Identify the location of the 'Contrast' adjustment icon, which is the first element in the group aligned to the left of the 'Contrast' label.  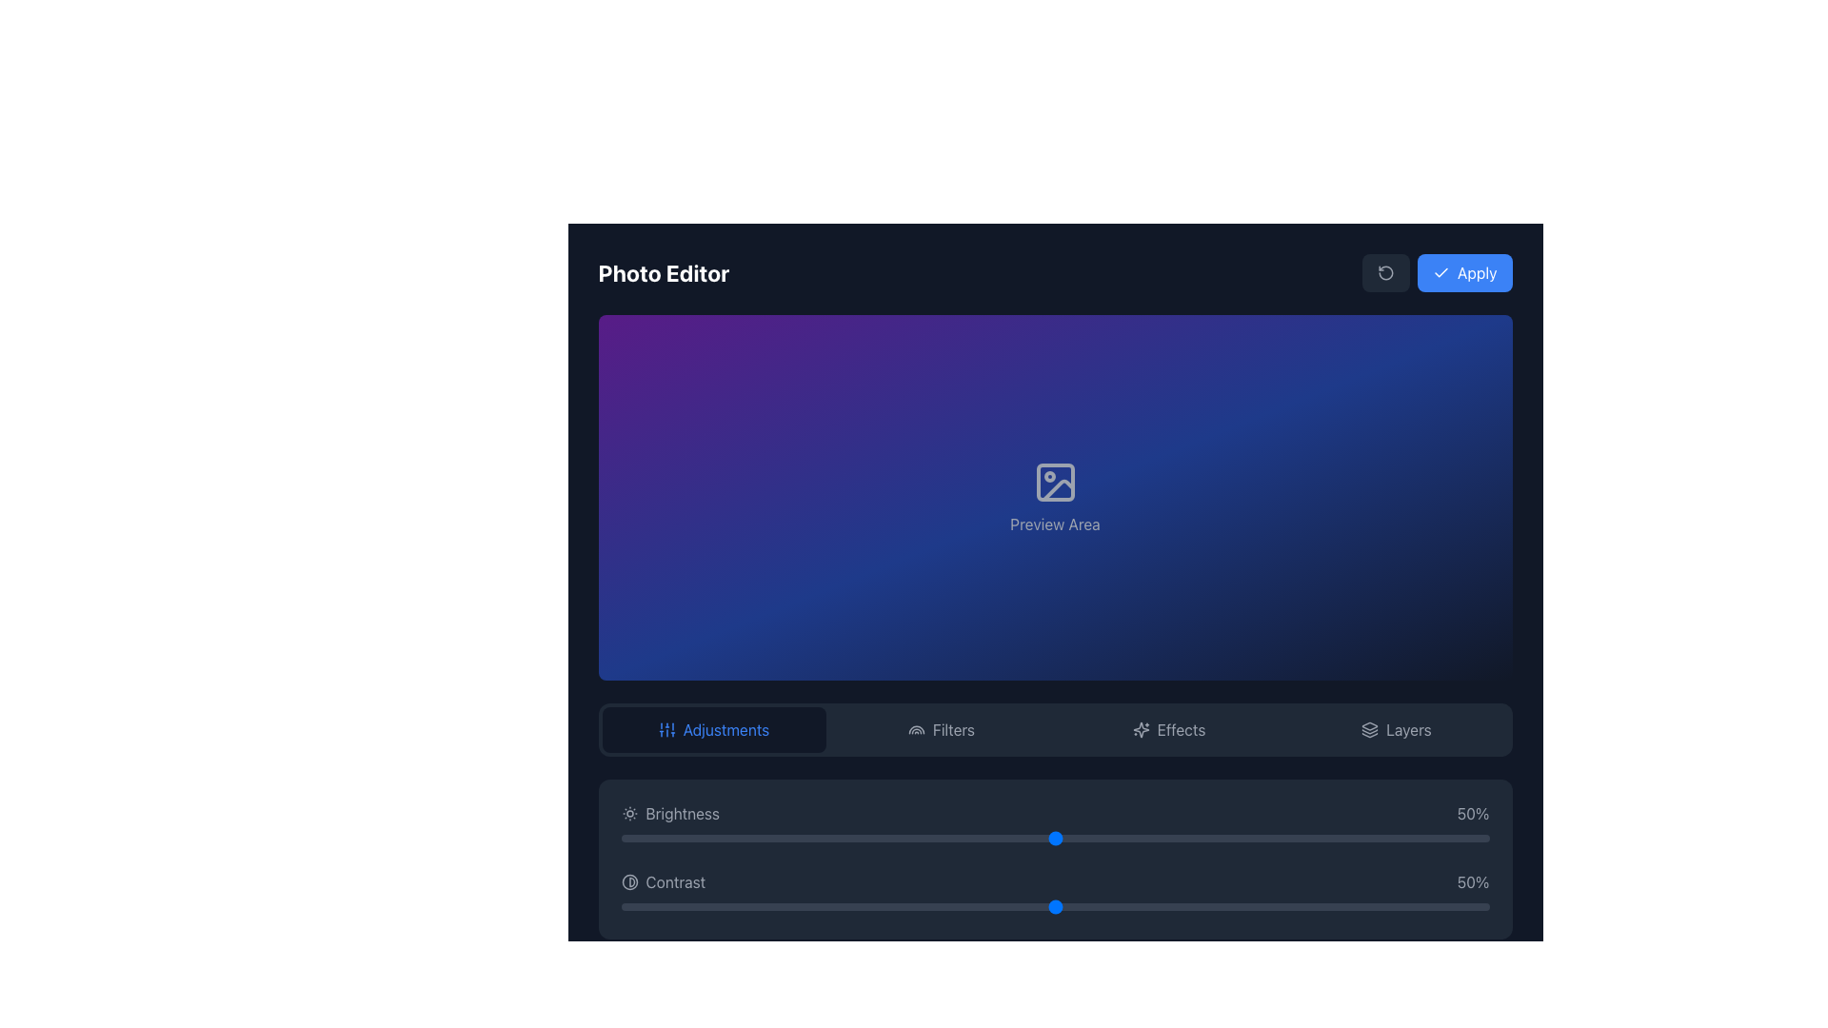
(629, 881).